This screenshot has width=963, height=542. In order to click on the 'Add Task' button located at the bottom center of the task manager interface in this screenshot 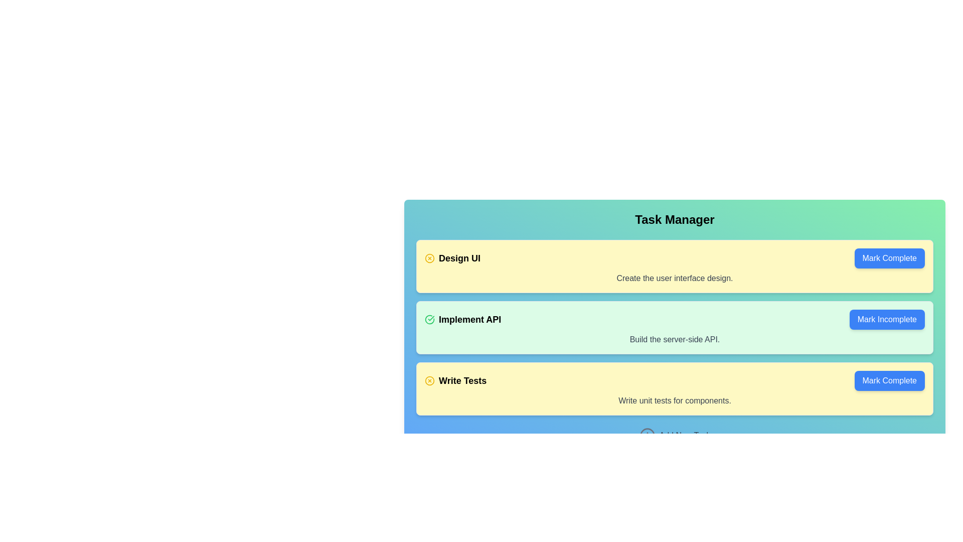, I will do `click(675, 435)`.